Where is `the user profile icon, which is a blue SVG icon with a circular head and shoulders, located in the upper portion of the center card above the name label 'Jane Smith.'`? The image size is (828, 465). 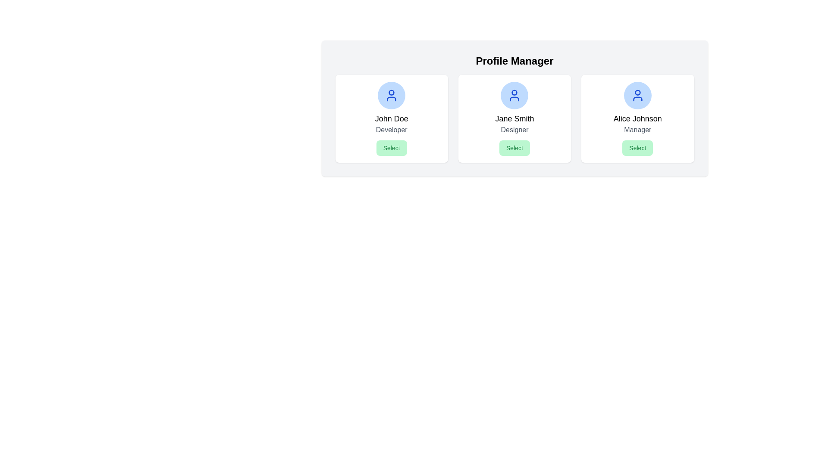
the user profile icon, which is a blue SVG icon with a circular head and shoulders, located in the upper portion of the center card above the name label 'Jane Smith.' is located at coordinates (514, 96).